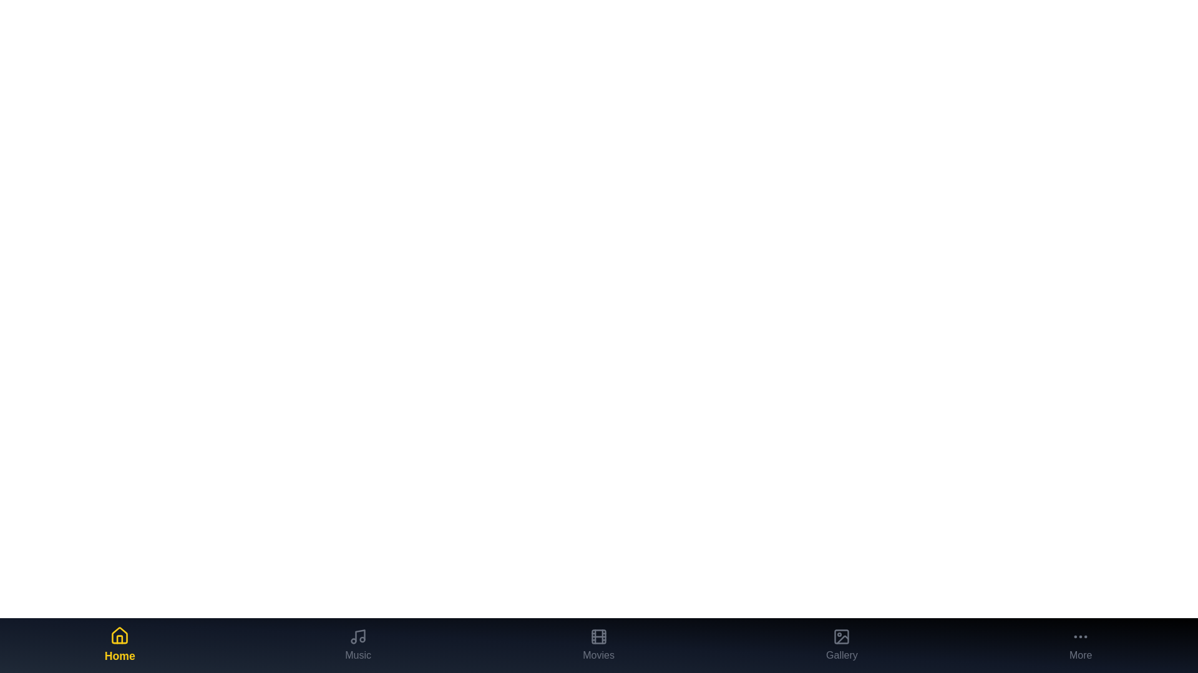 The width and height of the screenshot is (1198, 673). Describe the element at coordinates (358, 645) in the screenshot. I see `the Music tab to observe its visual feedback` at that location.